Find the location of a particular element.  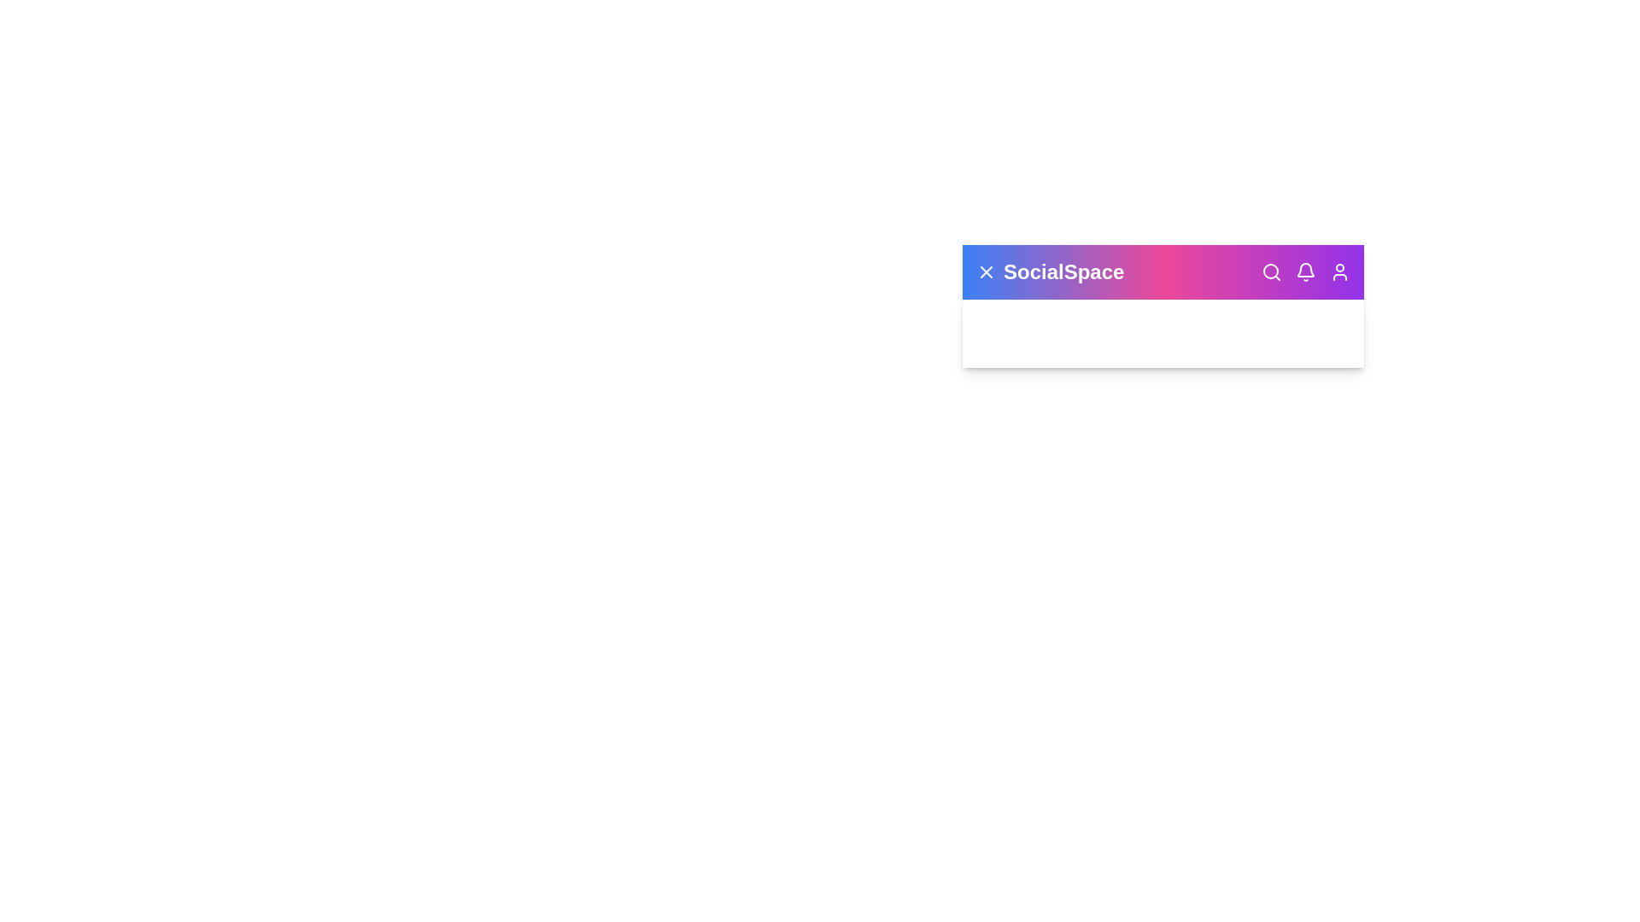

the button with the 'X' icon to toggle the menu visibility is located at coordinates (987, 271).